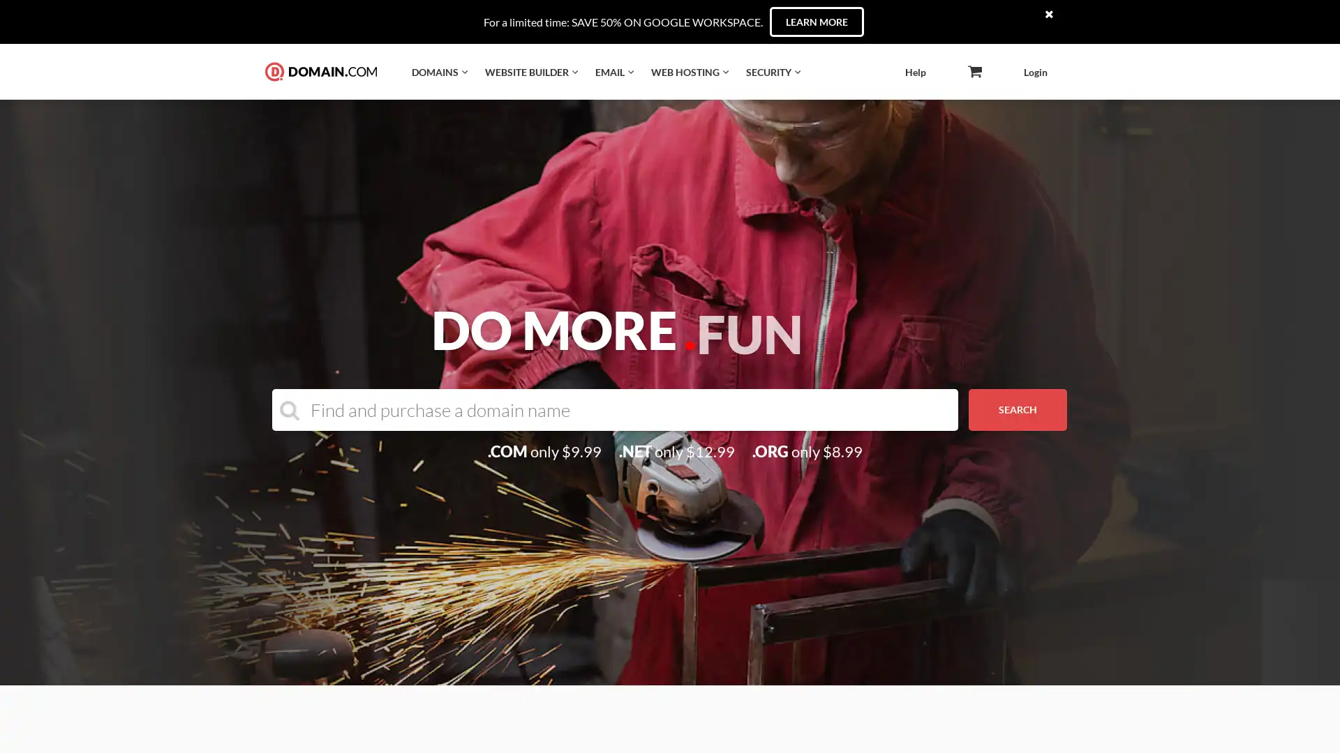 This screenshot has height=753, width=1340. I want to click on Help, so click(915, 72).